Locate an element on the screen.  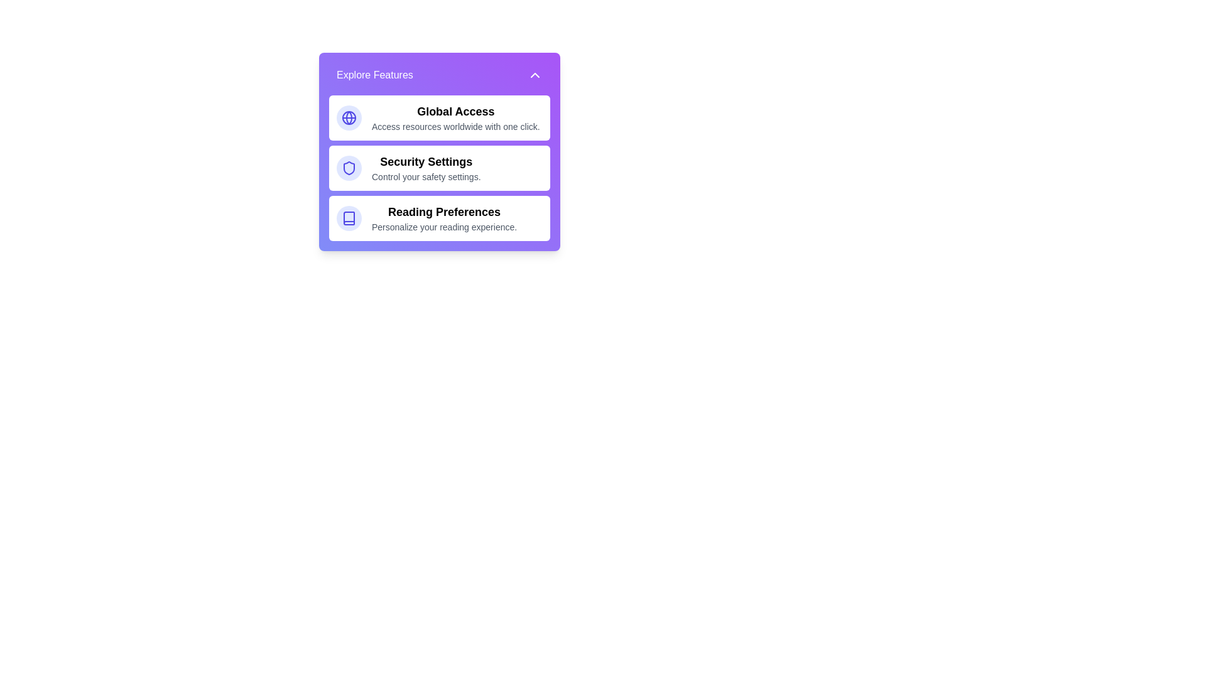
the 'Global Access' feature information panel located in the purple panel is located at coordinates (455, 118).